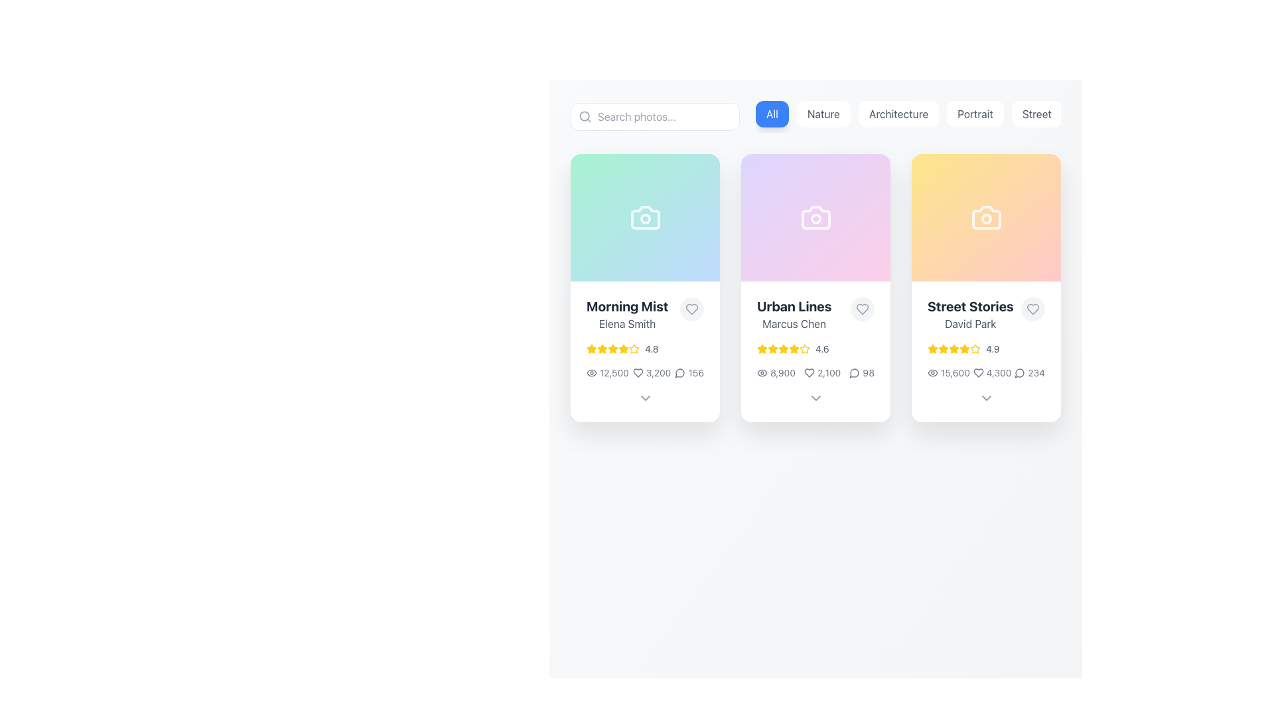 The image size is (1274, 717). I want to click on the star icon representing the fifth rating level in the five-star rating system for the 'Street Stories' card, so click(975, 348).